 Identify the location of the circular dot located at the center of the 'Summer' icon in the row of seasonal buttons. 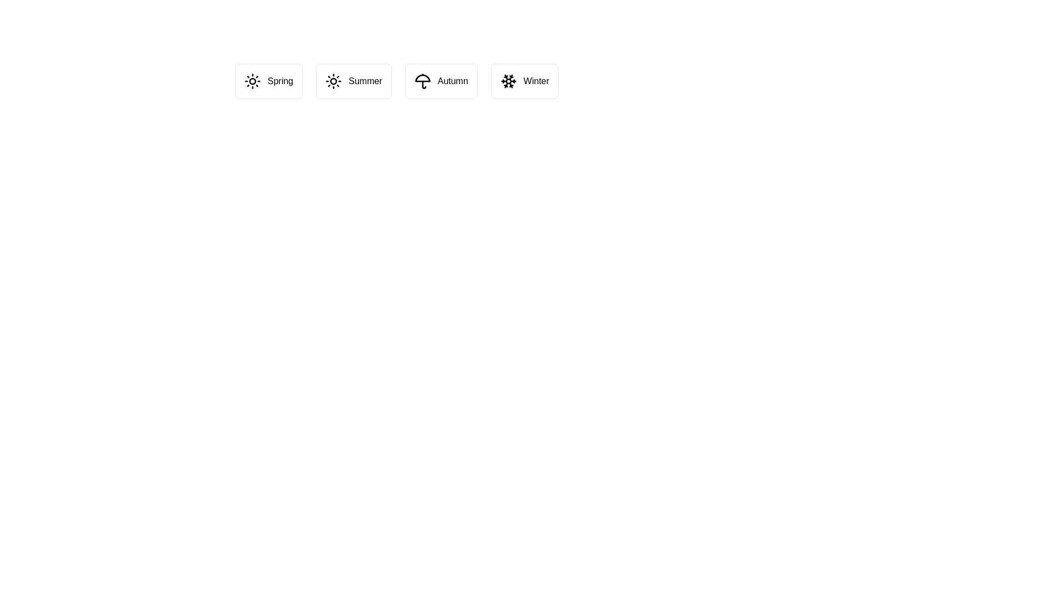
(333, 80).